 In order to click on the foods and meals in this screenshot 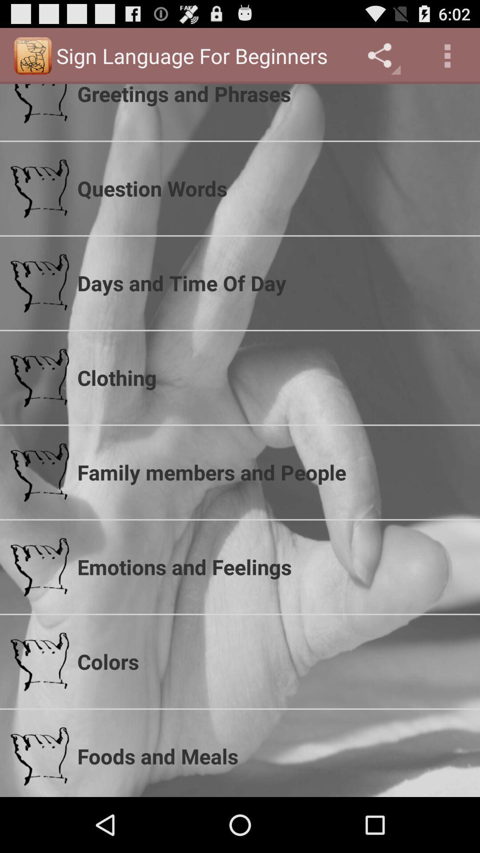, I will do `click(272, 756)`.